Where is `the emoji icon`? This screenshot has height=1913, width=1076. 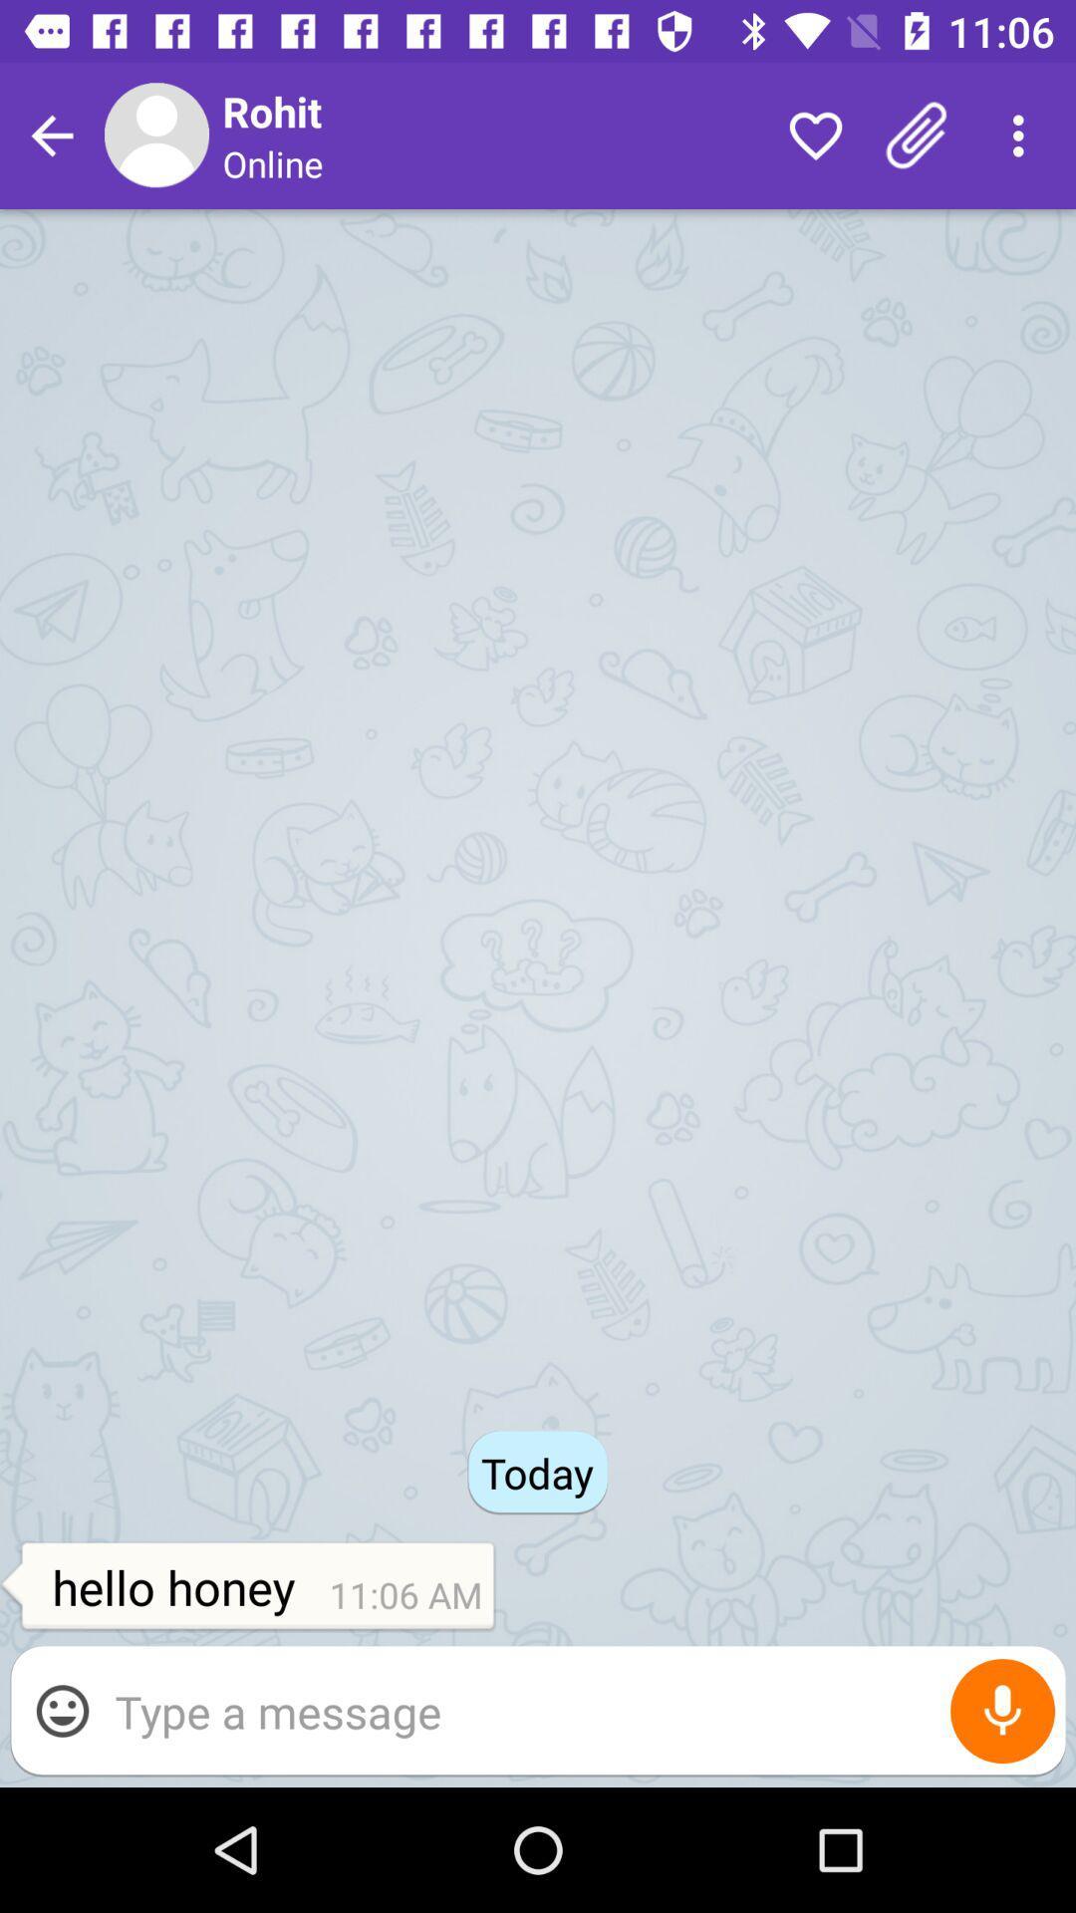
the emoji icon is located at coordinates (61, 1710).